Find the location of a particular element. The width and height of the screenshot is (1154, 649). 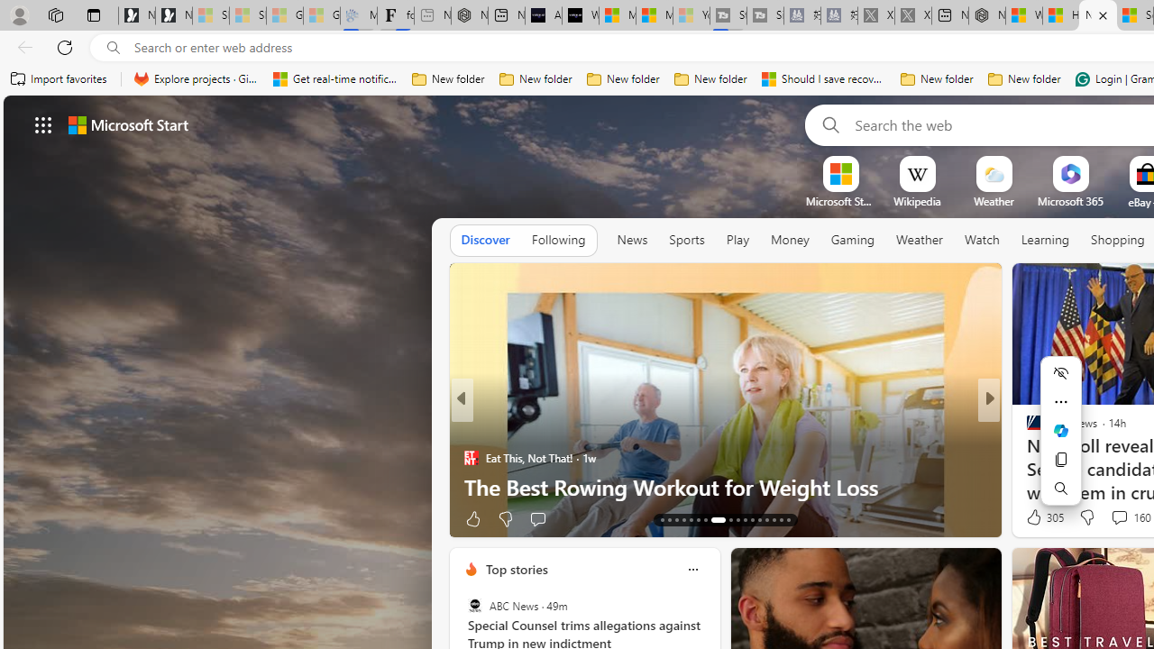

'Hide menu' is located at coordinates (1060, 371).